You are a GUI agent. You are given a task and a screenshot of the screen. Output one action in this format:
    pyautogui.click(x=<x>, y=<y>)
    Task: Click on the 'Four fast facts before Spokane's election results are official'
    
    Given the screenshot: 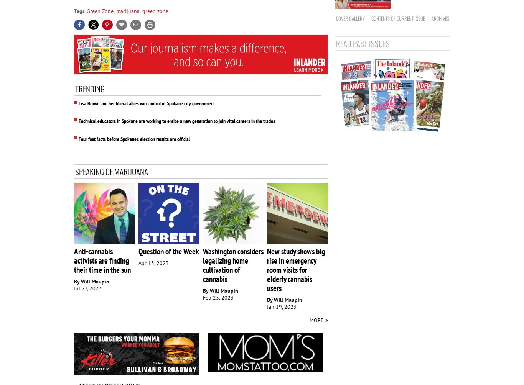 What is the action you would take?
    pyautogui.click(x=133, y=139)
    